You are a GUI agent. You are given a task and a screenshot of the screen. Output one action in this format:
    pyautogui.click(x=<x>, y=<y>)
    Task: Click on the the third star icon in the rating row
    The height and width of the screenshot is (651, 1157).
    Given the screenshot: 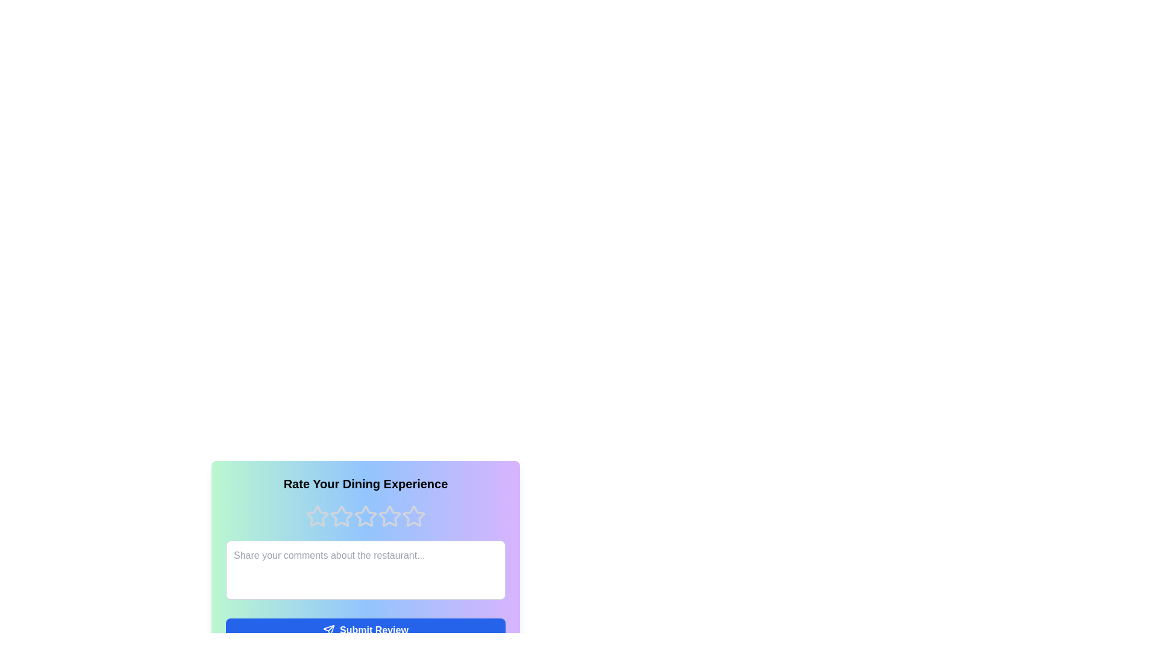 What is the action you would take?
    pyautogui.click(x=365, y=515)
    